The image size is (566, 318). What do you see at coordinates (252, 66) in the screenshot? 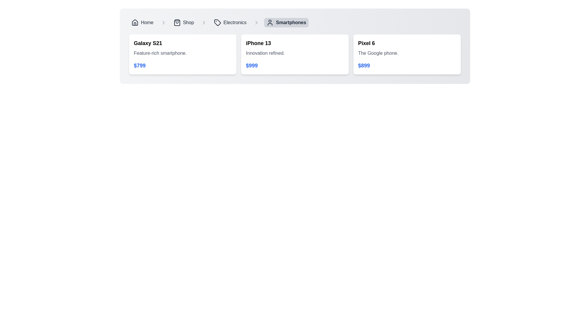
I see `price information displayed in the text label located beneath the descriptive text 'Innovation refined.' in the second card of three cards, which shows the price '$999'` at bounding box center [252, 66].